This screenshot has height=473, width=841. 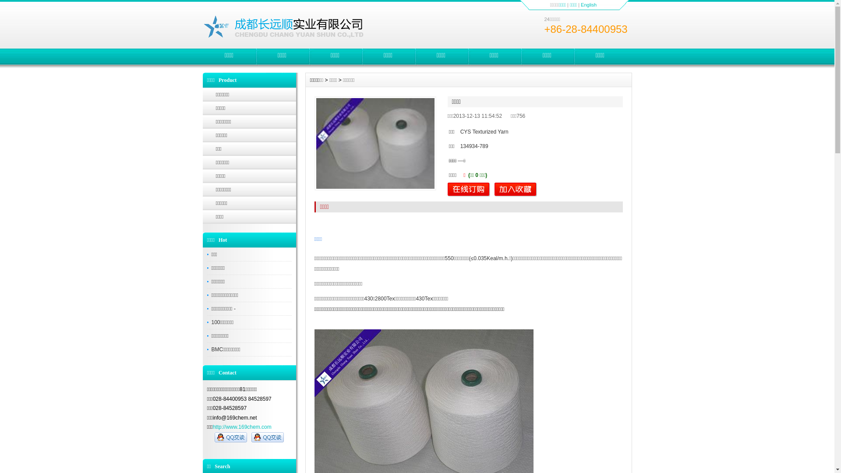 What do you see at coordinates (589, 5) in the screenshot?
I see `'English'` at bounding box center [589, 5].